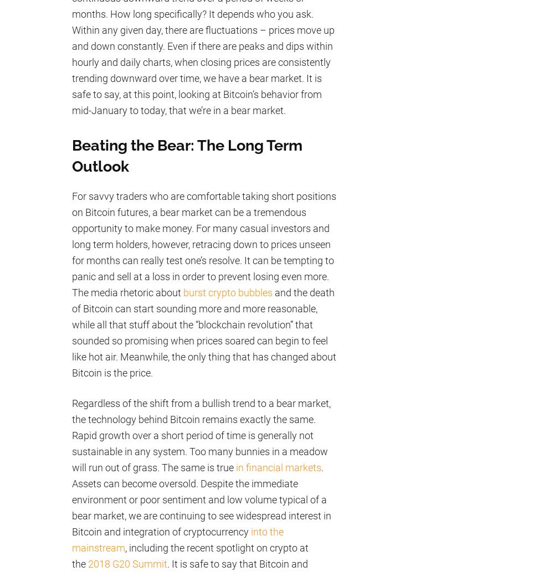 Image resolution: width=554 pixels, height=572 pixels. Describe the element at coordinates (228, 291) in the screenshot. I see `'burst crypto bubbles'` at that location.